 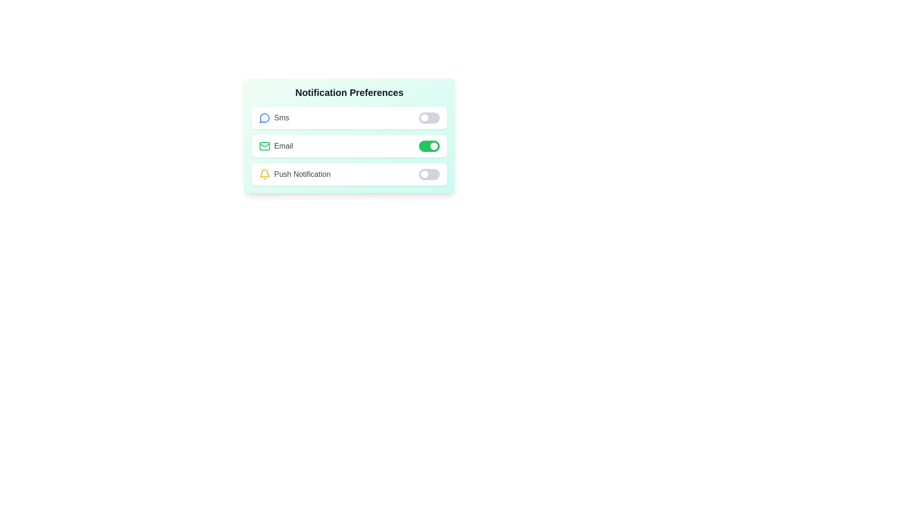 What do you see at coordinates (273, 117) in the screenshot?
I see `the 'sms' label with a message bubble icon, which is the first entry in the notification preference options list` at bounding box center [273, 117].